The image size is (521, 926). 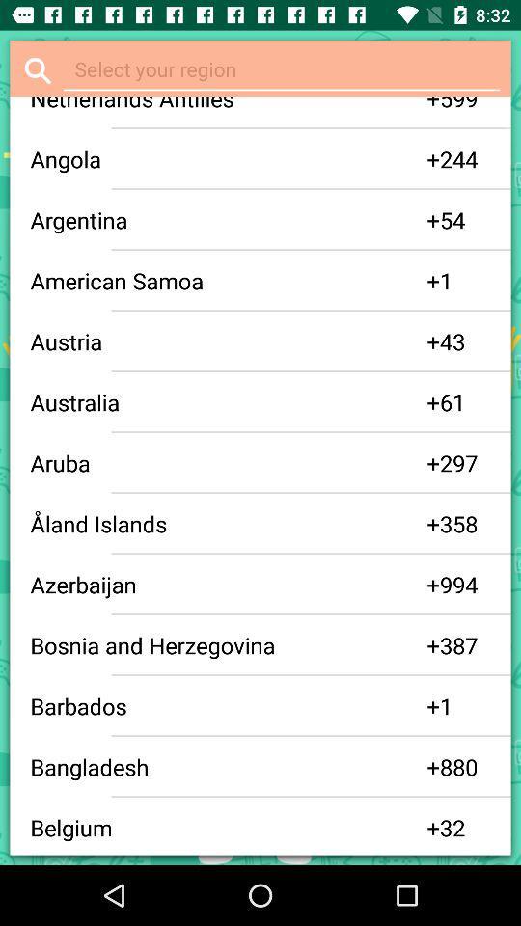 What do you see at coordinates (464, 645) in the screenshot?
I see `the 387 icon` at bounding box center [464, 645].